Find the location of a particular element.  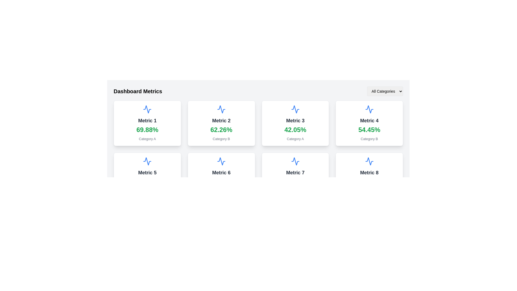

the fourth card component in the grid layout that displays a percentage value for 'Category B' is located at coordinates (369, 123).